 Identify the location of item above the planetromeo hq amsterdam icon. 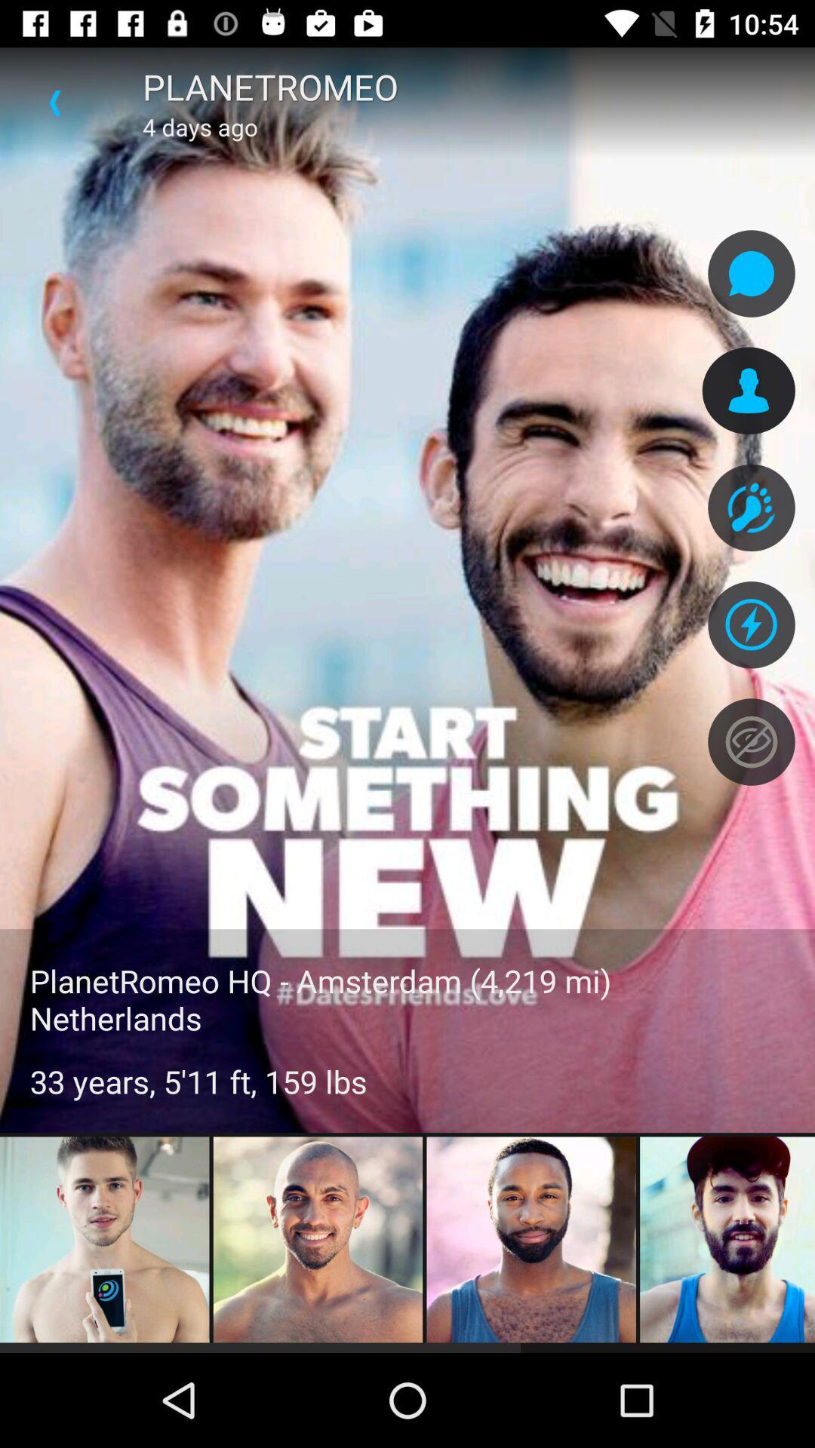
(54, 102).